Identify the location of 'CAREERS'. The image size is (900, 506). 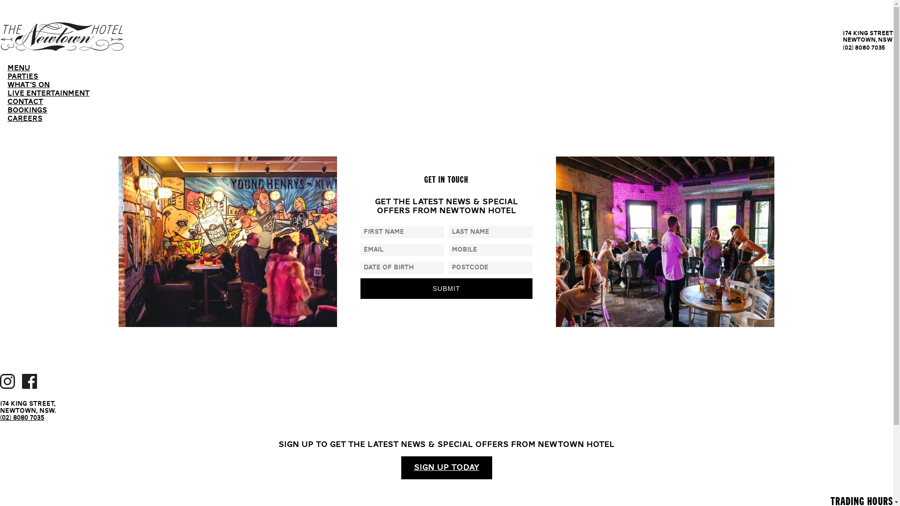
(25, 119).